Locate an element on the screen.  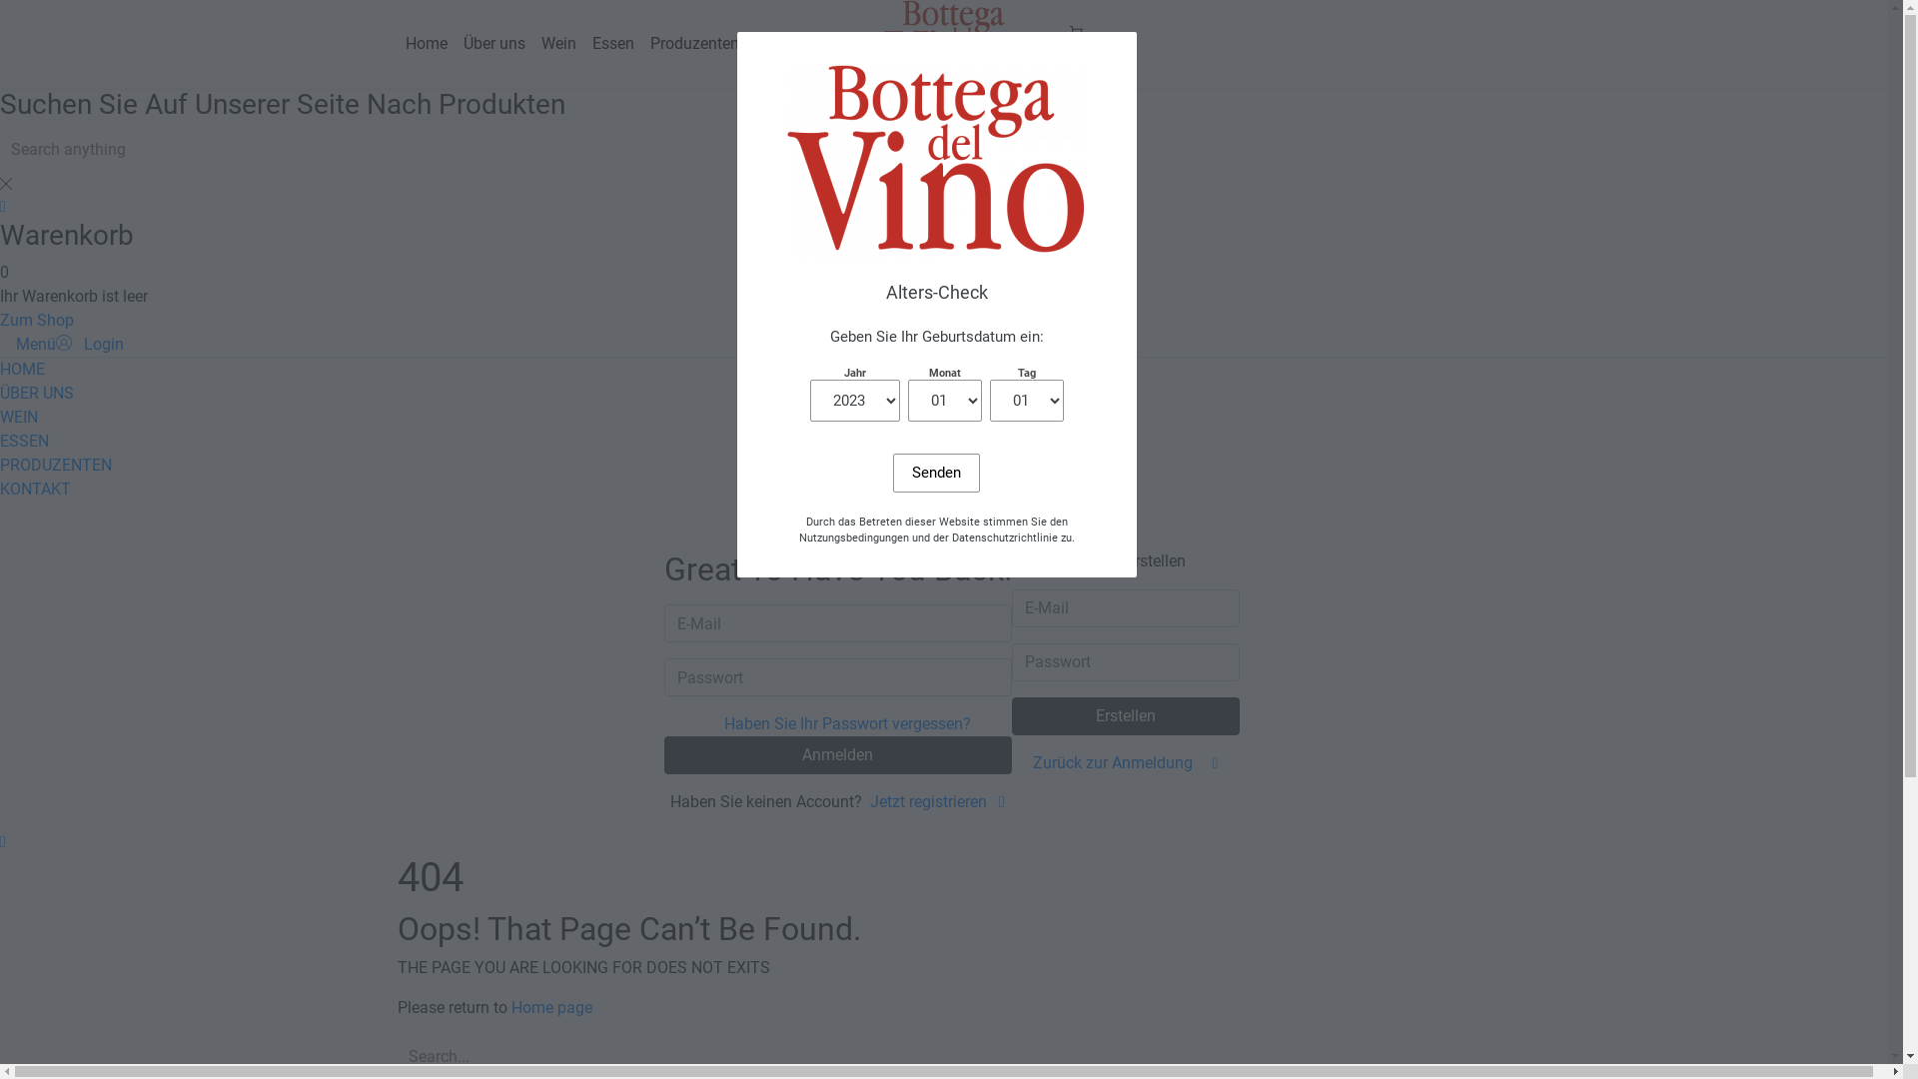
'Produzenten' is located at coordinates (693, 43).